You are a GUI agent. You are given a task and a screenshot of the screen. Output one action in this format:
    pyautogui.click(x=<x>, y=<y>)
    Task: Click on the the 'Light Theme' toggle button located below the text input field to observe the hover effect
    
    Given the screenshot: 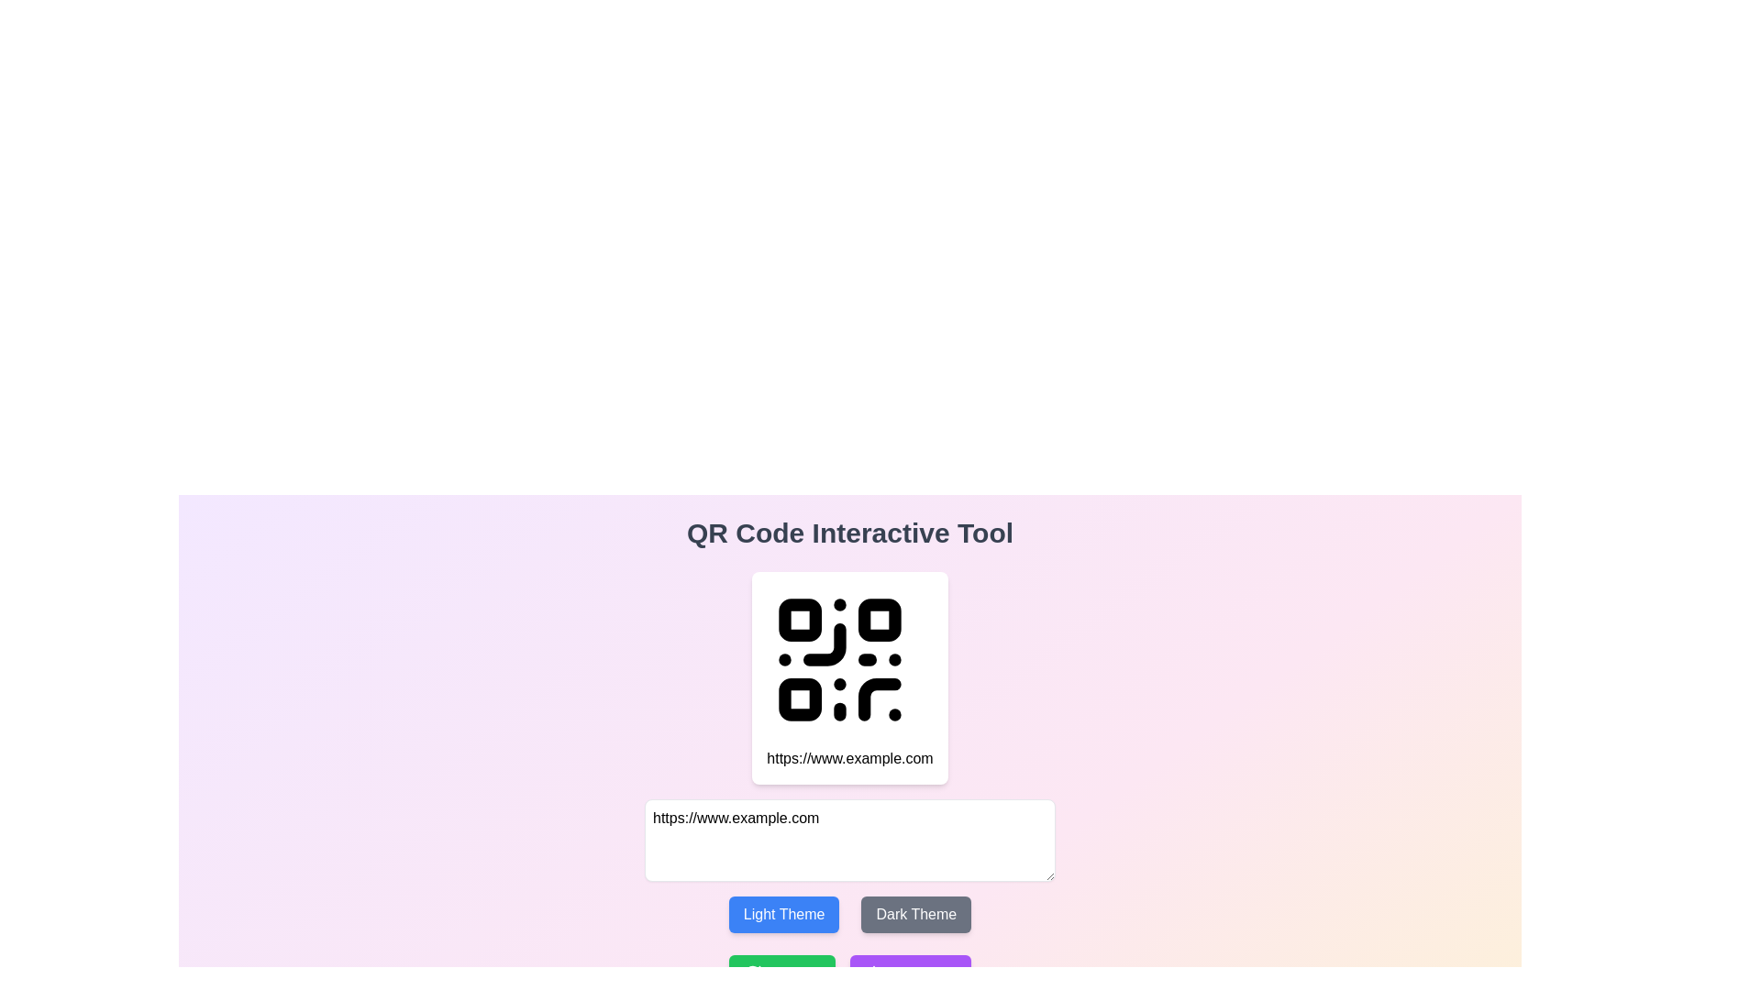 What is the action you would take?
    pyautogui.click(x=784, y=915)
    